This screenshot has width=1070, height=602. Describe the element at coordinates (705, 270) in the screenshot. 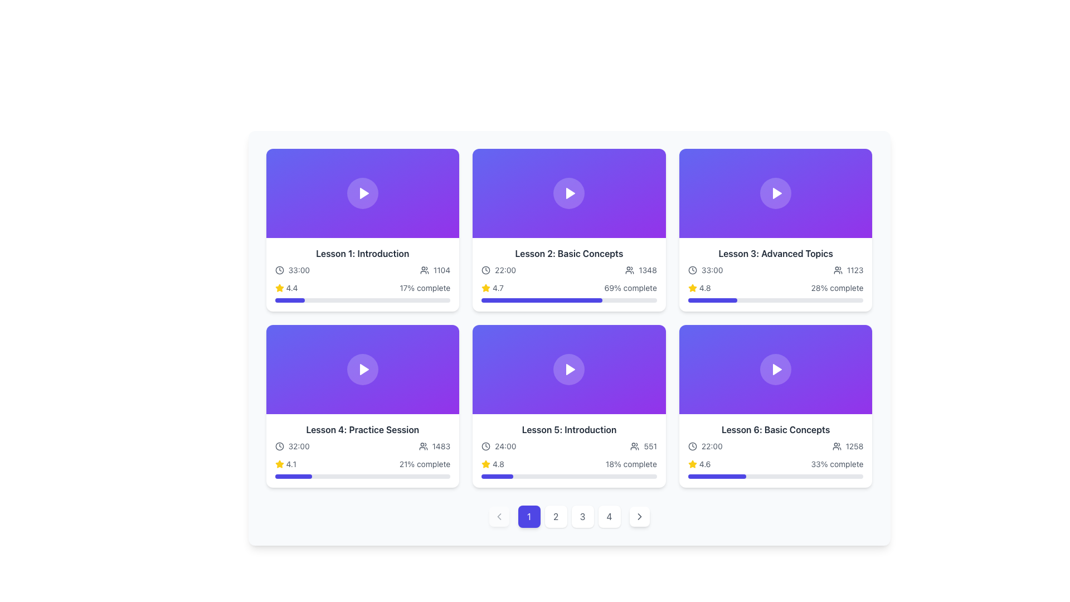

I see `the text and clock icon displaying '33:00' in the 'Lesson 3: Advanced Topics' card located in the top right corner of the grid` at that location.